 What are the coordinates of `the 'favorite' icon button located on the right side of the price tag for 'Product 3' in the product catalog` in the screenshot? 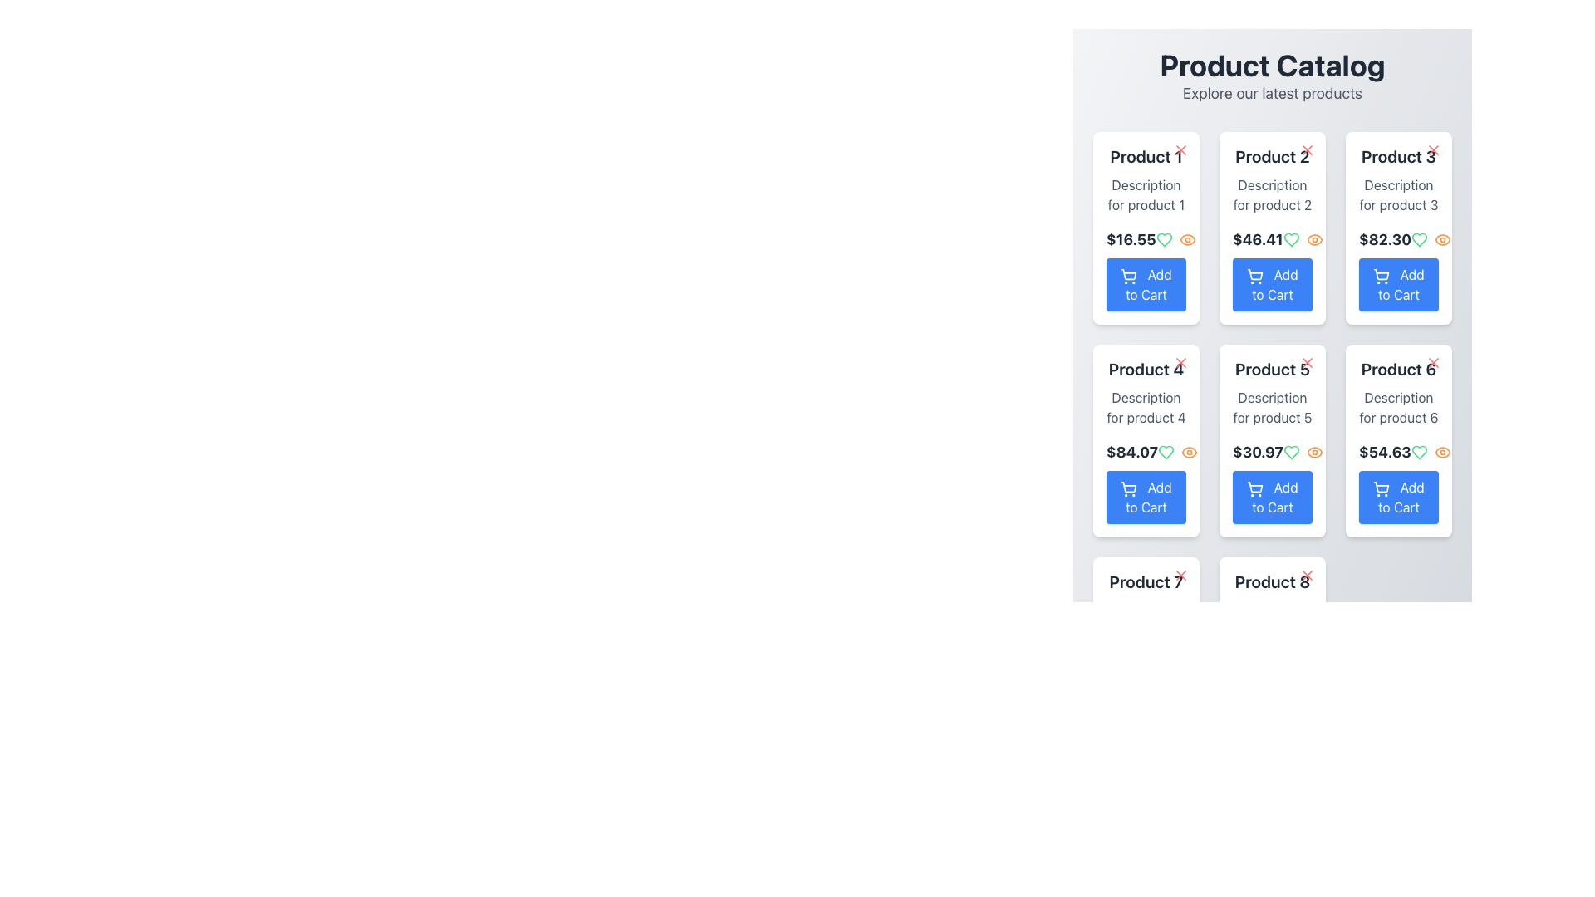 It's located at (1419, 240).